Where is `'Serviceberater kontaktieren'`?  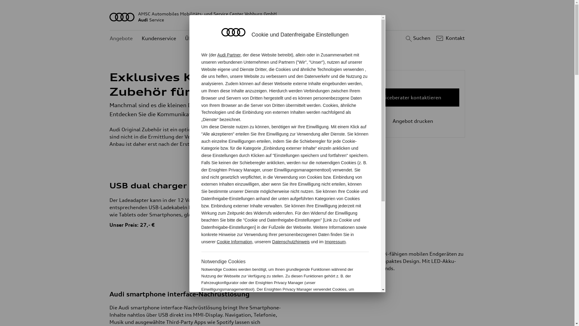
'Serviceberater kontaktieren' is located at coordinates (408, 97).